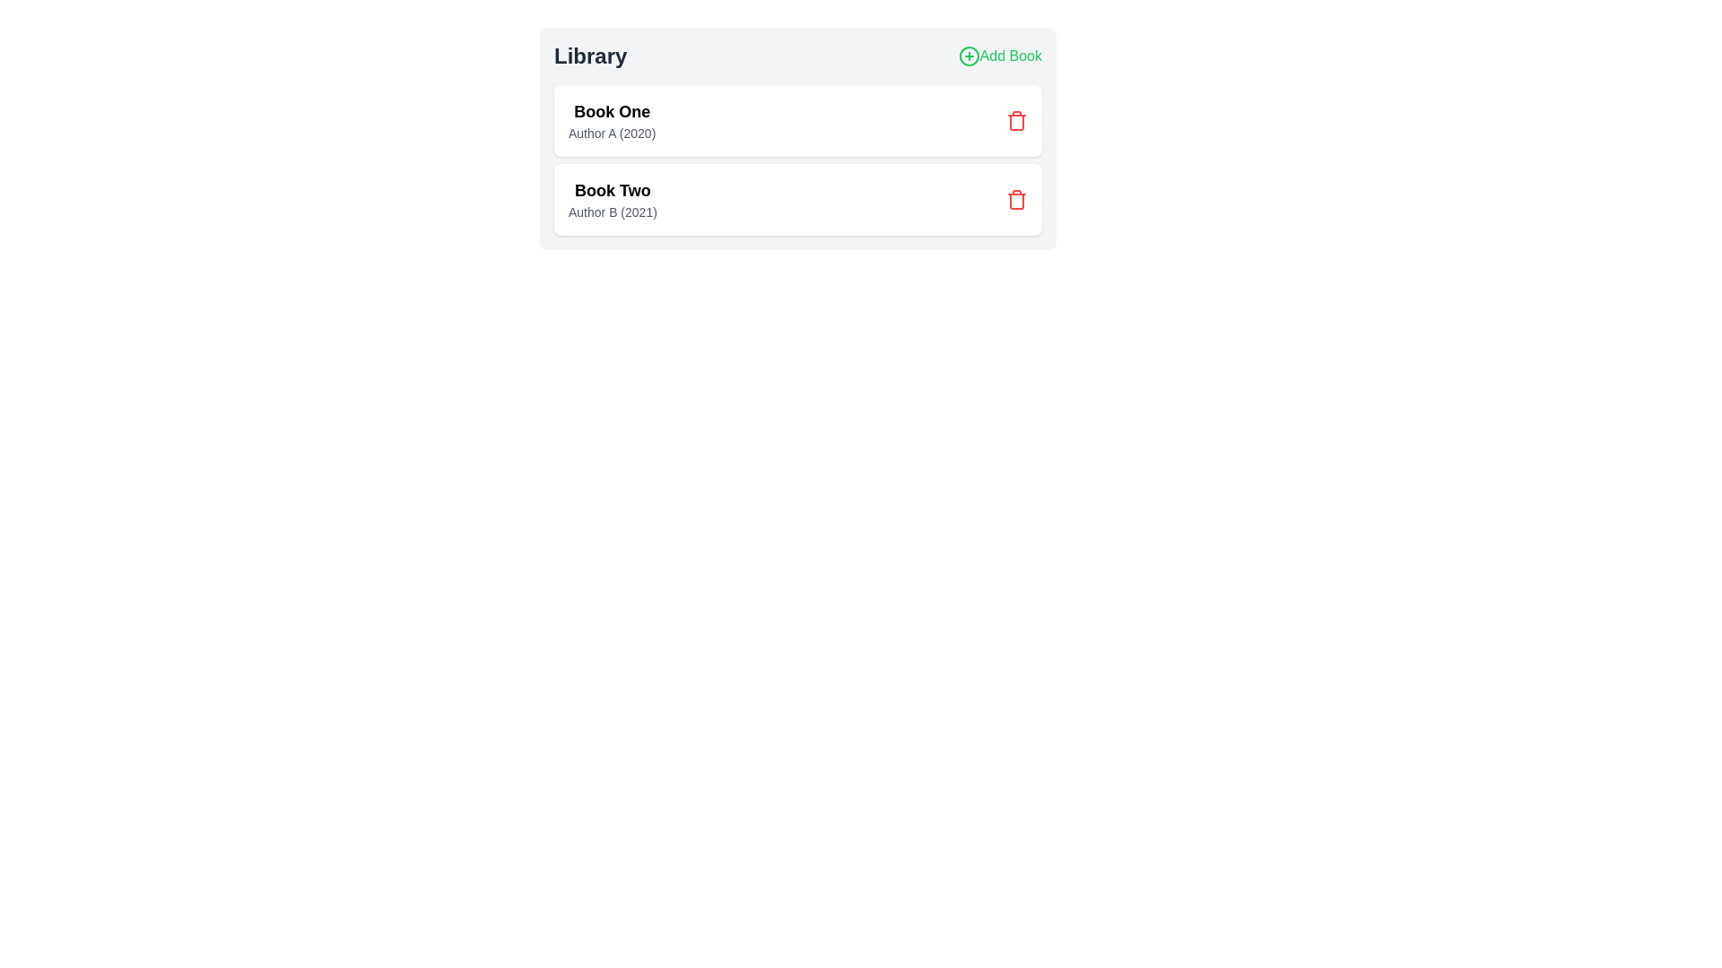 The width and height of the screenshot is (1722, 968). I want to click on the text label displaying 'Book Two', which is styled as a bold header and located above the descriptive text 'Author B (2021)' in the second card of the list structure, so click(613, 190).